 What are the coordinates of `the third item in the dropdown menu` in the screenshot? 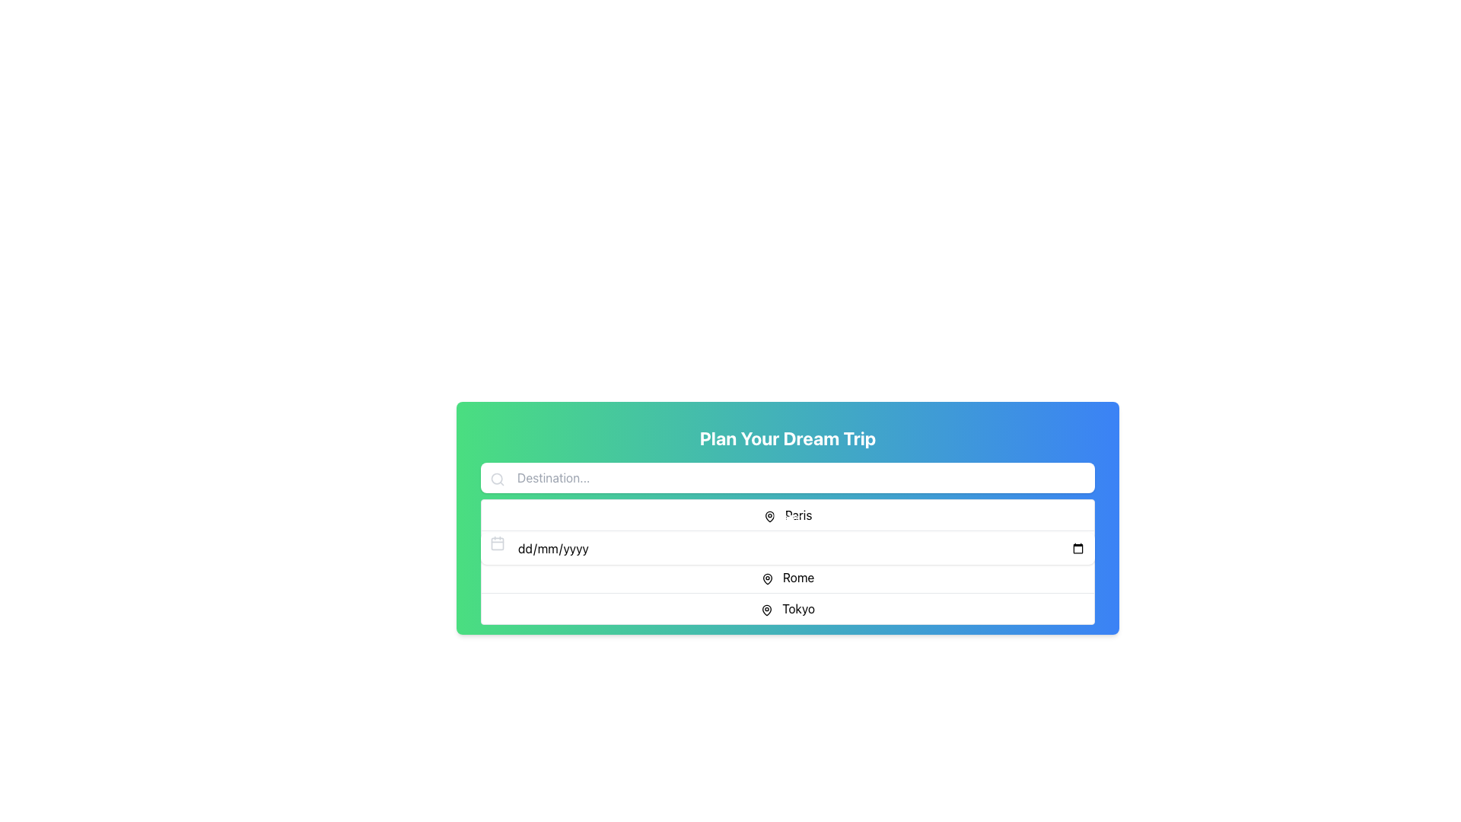 It's located at (788, 577).